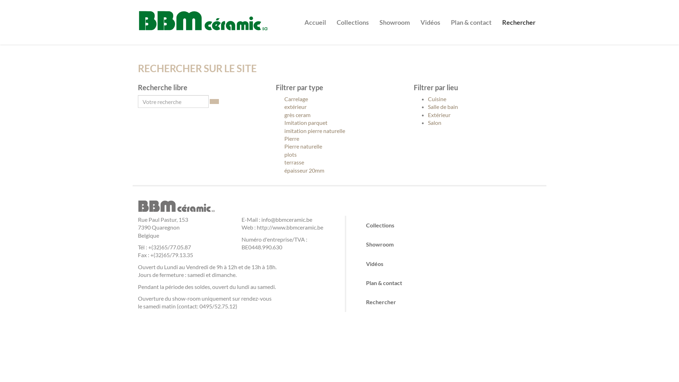 This screenshot has width=679, height=382. I want to click on 'imitation pierre naturelle', so click(275, 131).